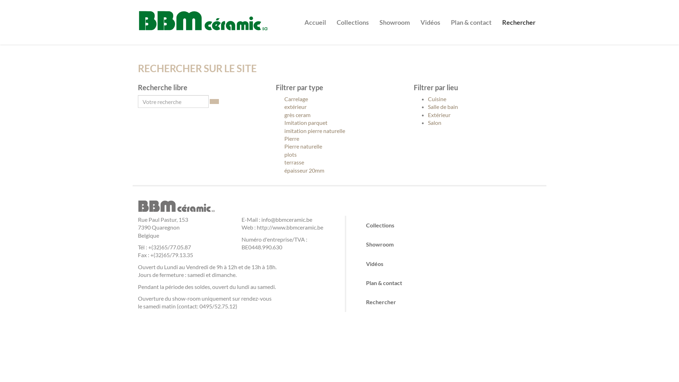 This screenshot has width=679, height=382. I want to click on 'imitation pierre naturelle', so click(275, 131).